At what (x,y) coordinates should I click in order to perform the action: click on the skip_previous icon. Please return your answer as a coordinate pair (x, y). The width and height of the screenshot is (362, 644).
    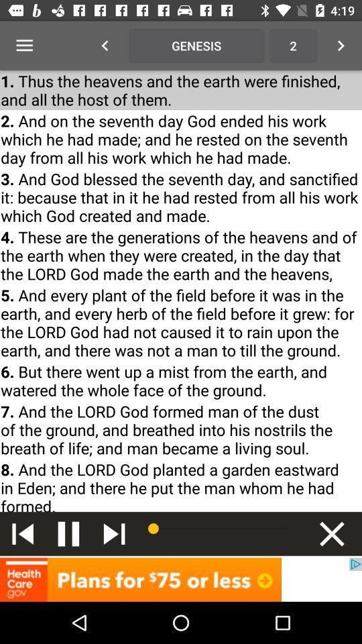
    Looking at the image, I should click on (22, 533).